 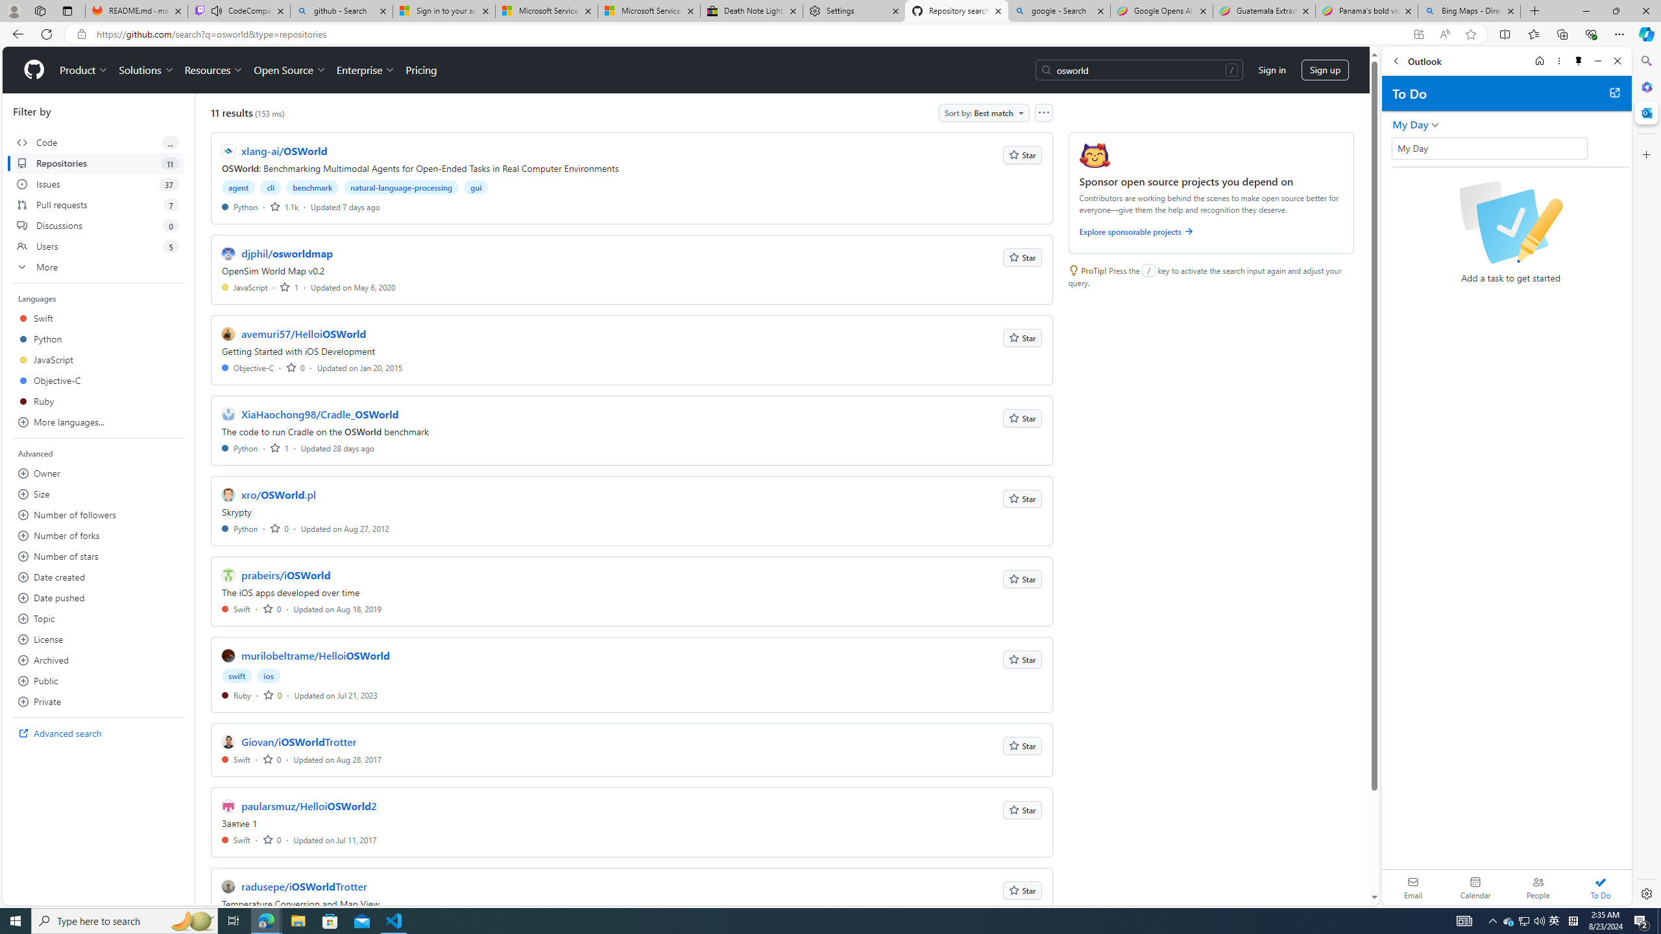 I want to click on 'xlang-ai/OSWorld', so click(x=283, y=150).